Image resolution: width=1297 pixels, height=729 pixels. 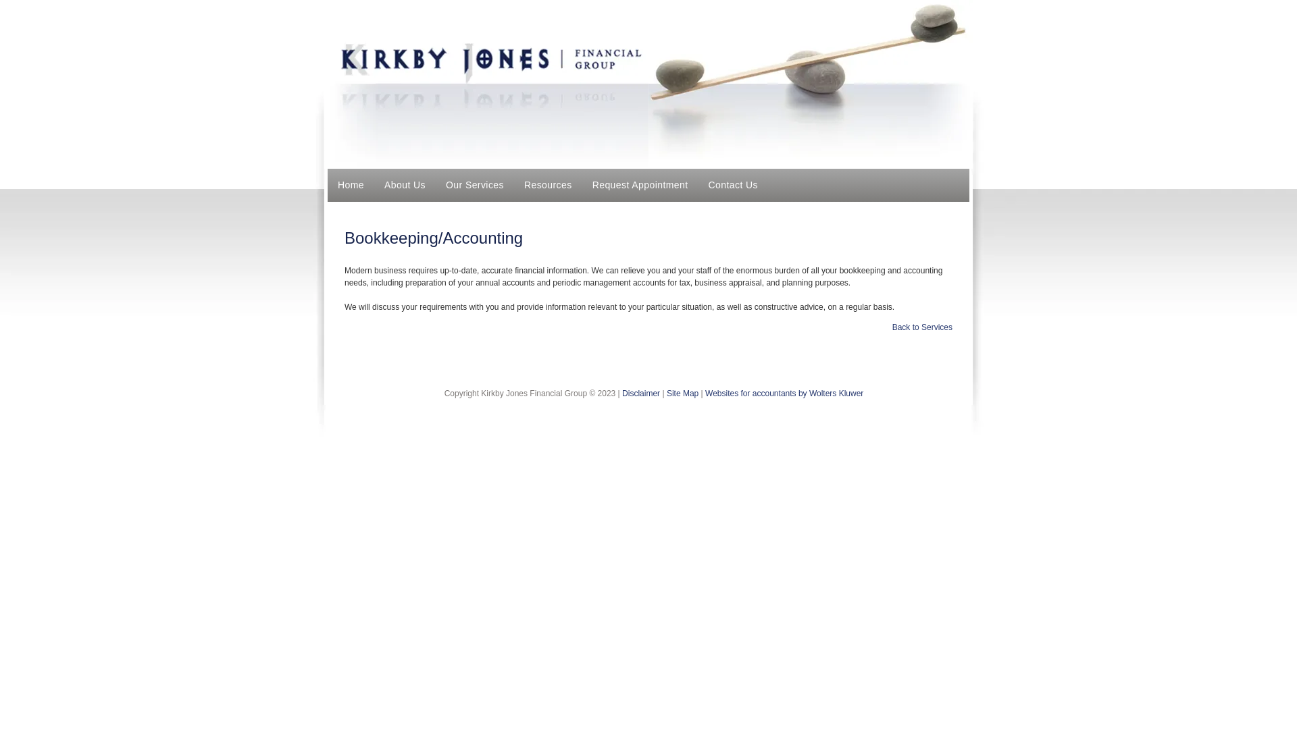 What do you see at coordinates (640, 393) in the screenshot?
I see `'Disclaimer'` at bounding box center [640, 393].